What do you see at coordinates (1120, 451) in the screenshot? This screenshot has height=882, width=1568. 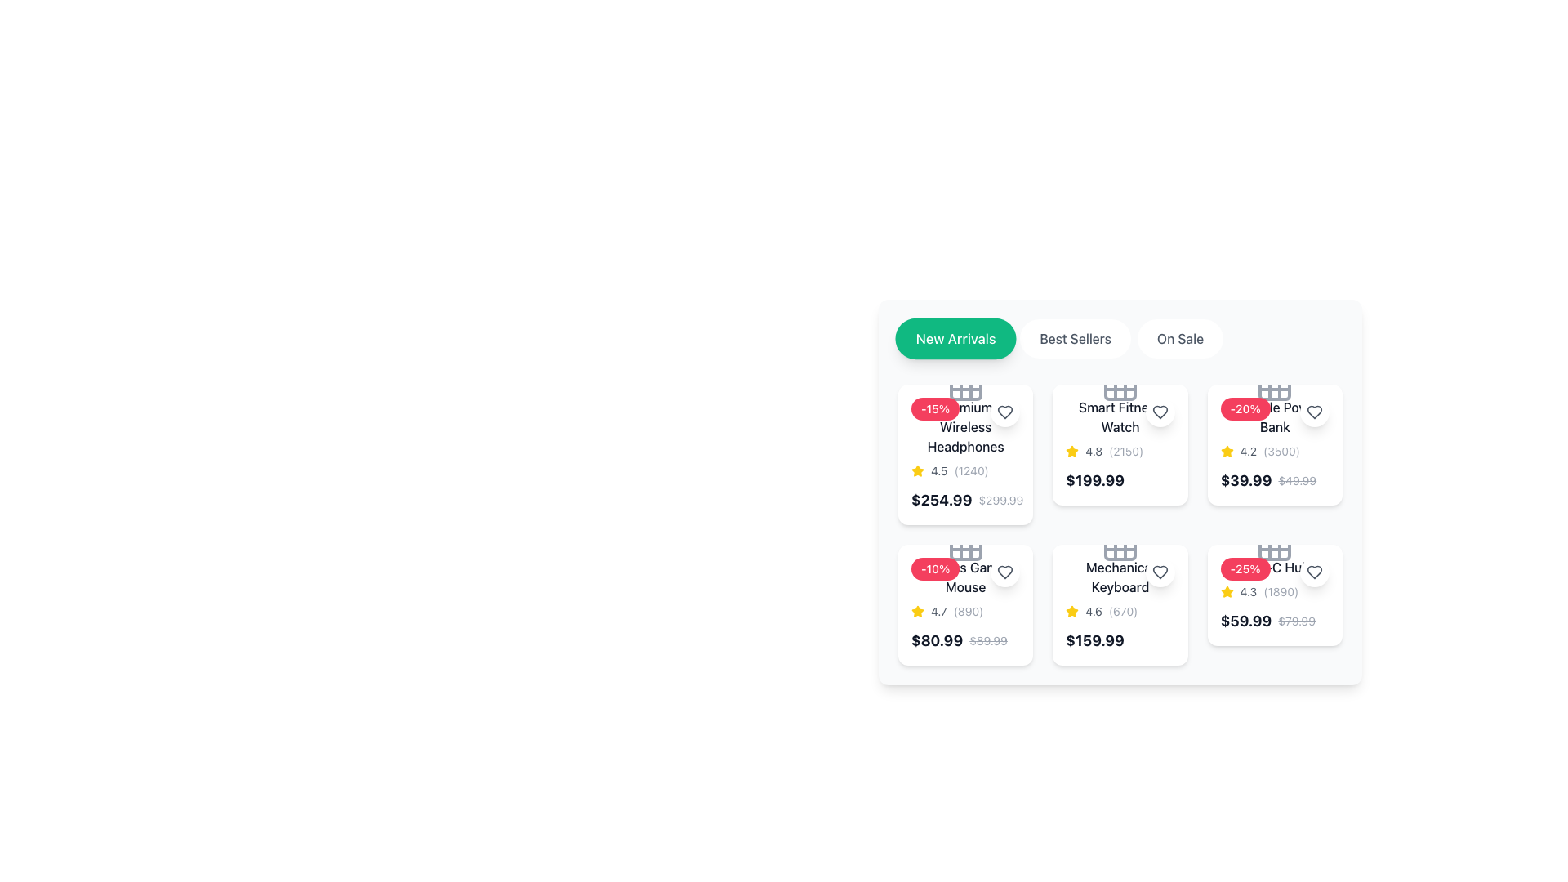 I see `the Rating Display element which consists of a yellow star icon followed by the text '4.8' and '(2150)', located within the 'Smart Fitness Watch' card, centered horizontally` at bounding box center [1120, 451].